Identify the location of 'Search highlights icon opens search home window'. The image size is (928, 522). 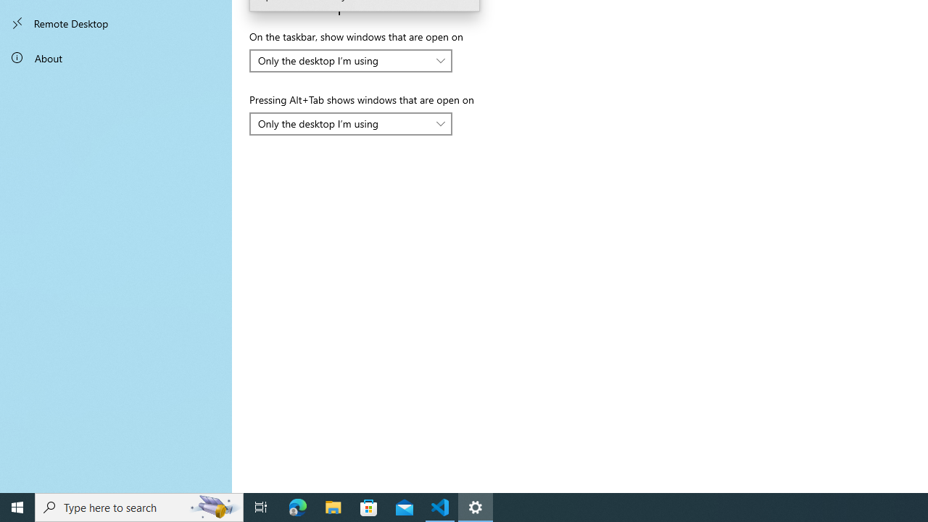
(213, 506).